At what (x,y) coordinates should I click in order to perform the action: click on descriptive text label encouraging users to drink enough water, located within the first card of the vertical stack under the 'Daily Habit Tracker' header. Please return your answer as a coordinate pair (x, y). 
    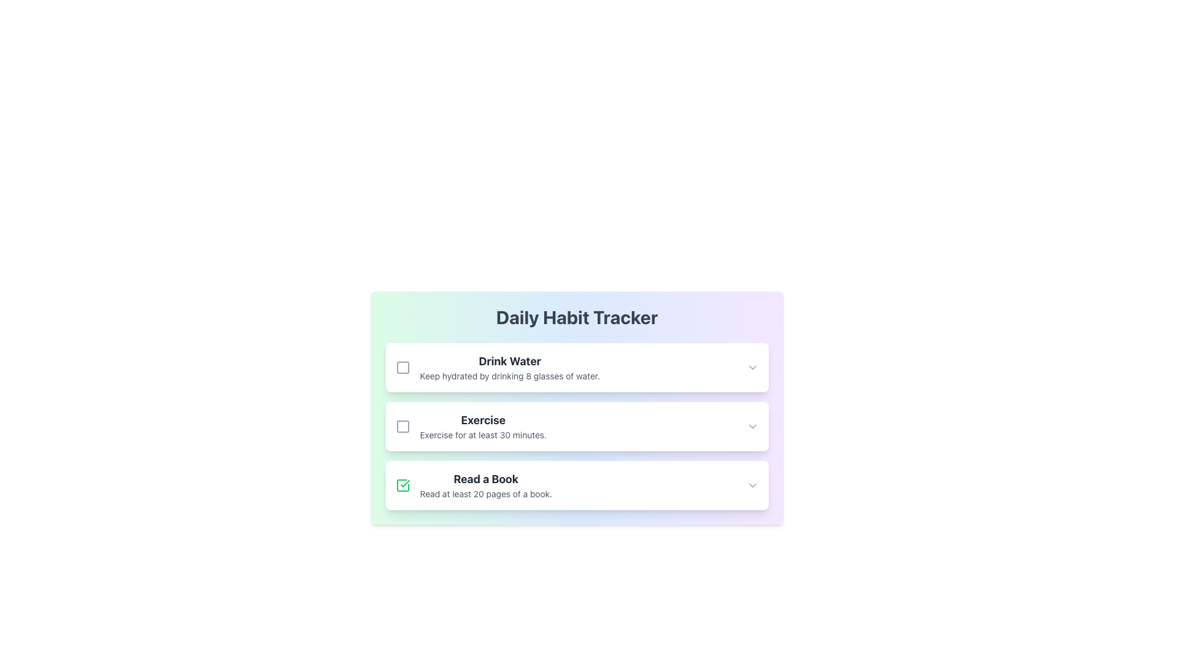
    Looking at the image, I should click on (510, 366).